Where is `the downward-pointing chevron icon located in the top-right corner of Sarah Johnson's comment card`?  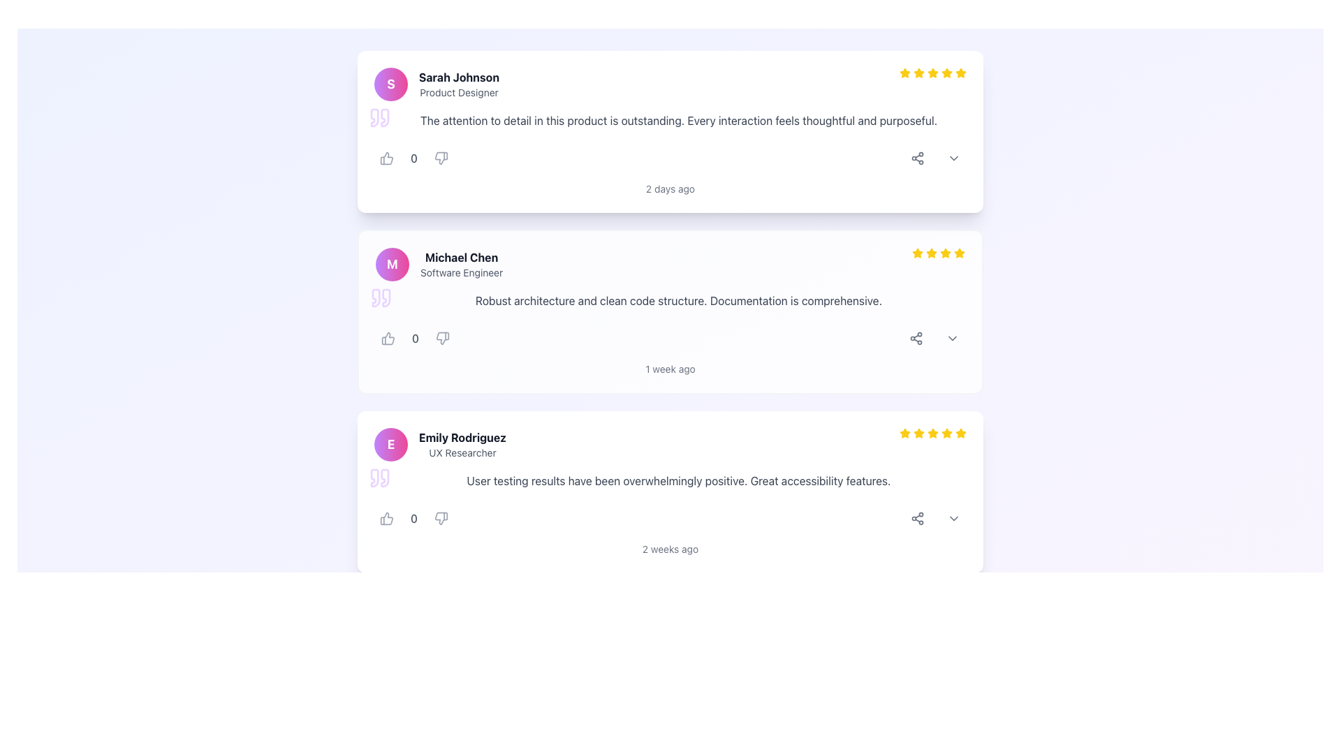
the downward-pointing chevron icon located in the top-right corner of Sarah Johnson's comment card is located at coordinates (953, 158).